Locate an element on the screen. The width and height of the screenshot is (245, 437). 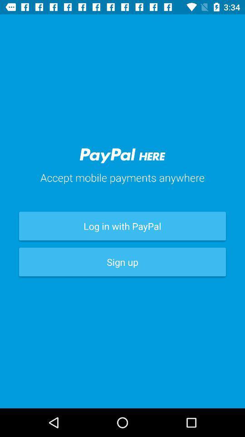
the sign up is located at coordinates (122, 262).